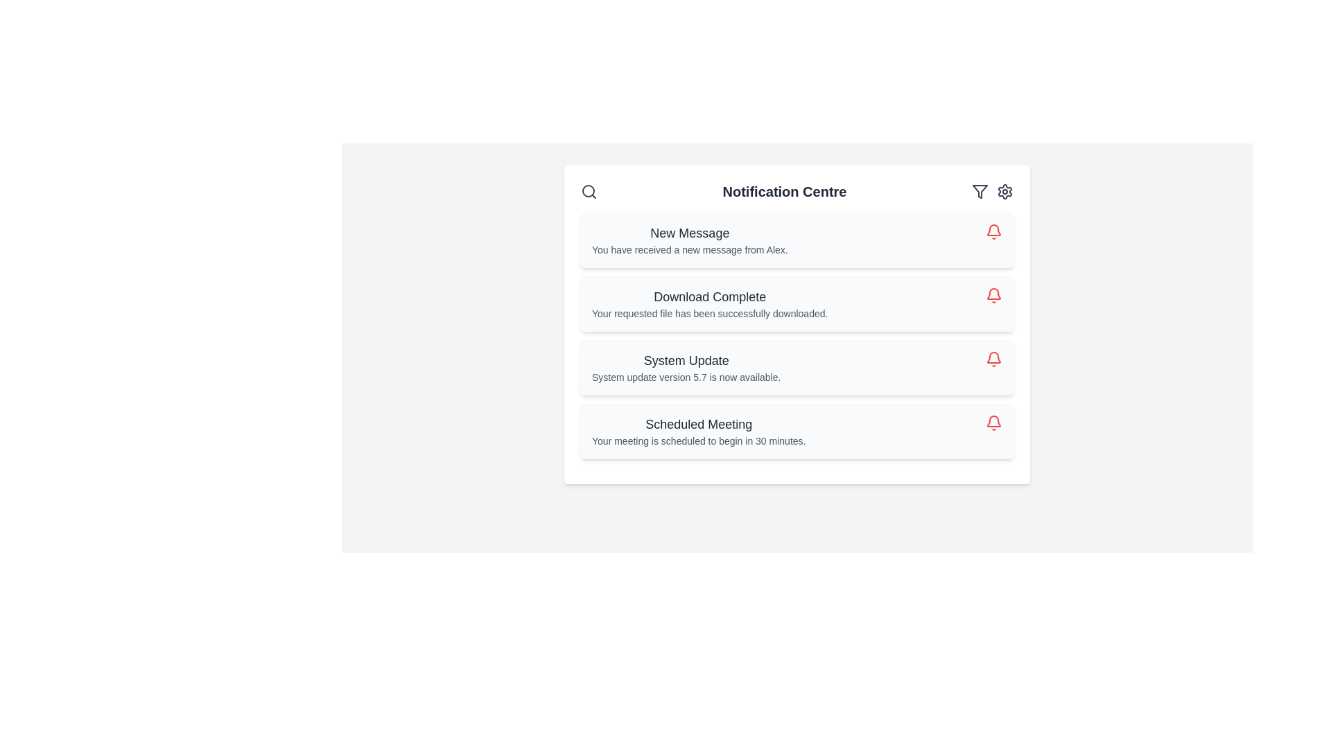 The image size is (1331, 748). Describe the element at coordinates (785, 192) in the screenshot. I see `the bold, large-sized text label reading 'Notification Centre' located in the header section of the notification interface` at that location.